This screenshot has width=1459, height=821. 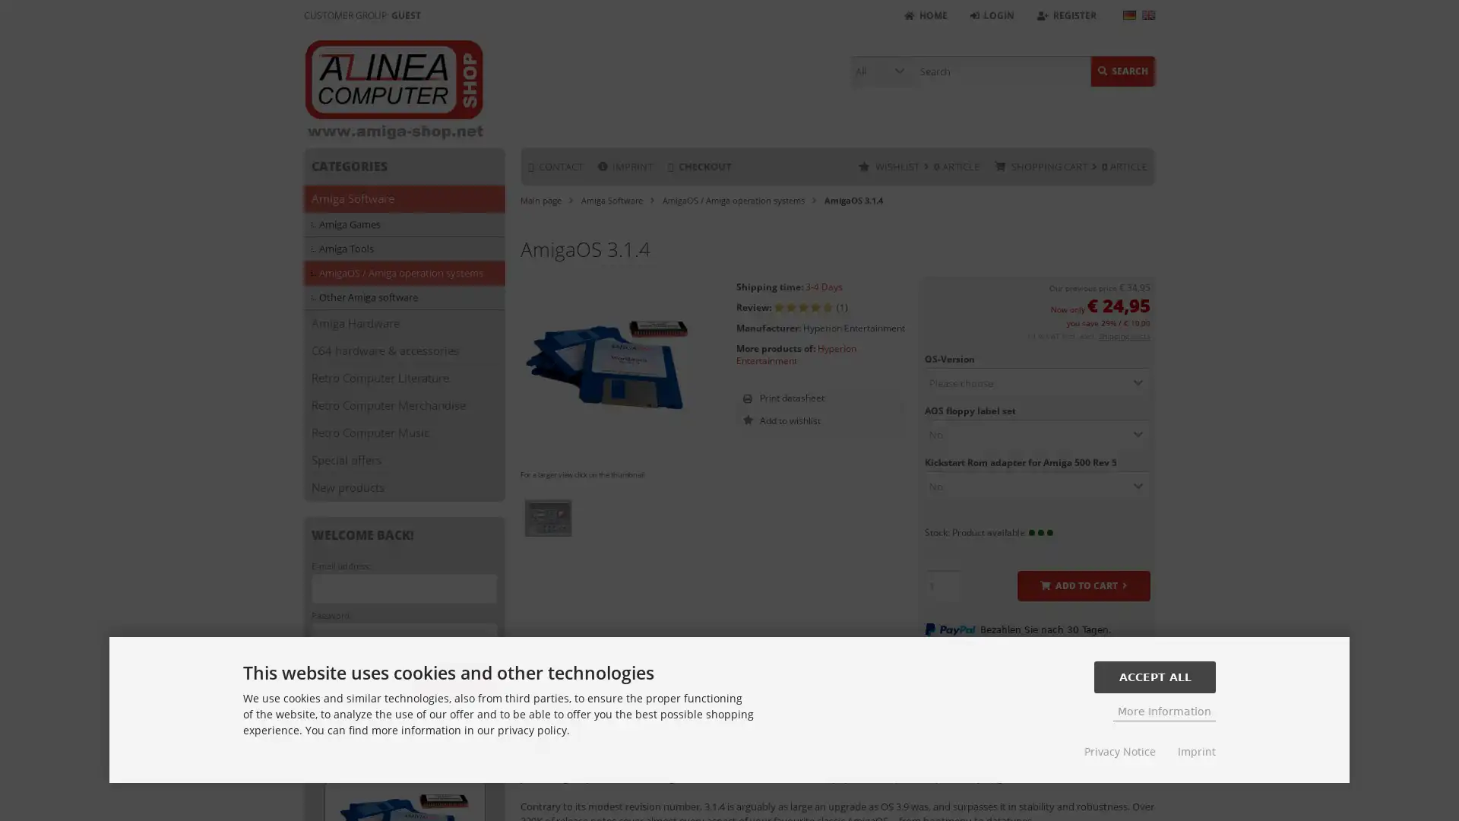 I want to click on More Information, so click(x=1163, y=711).